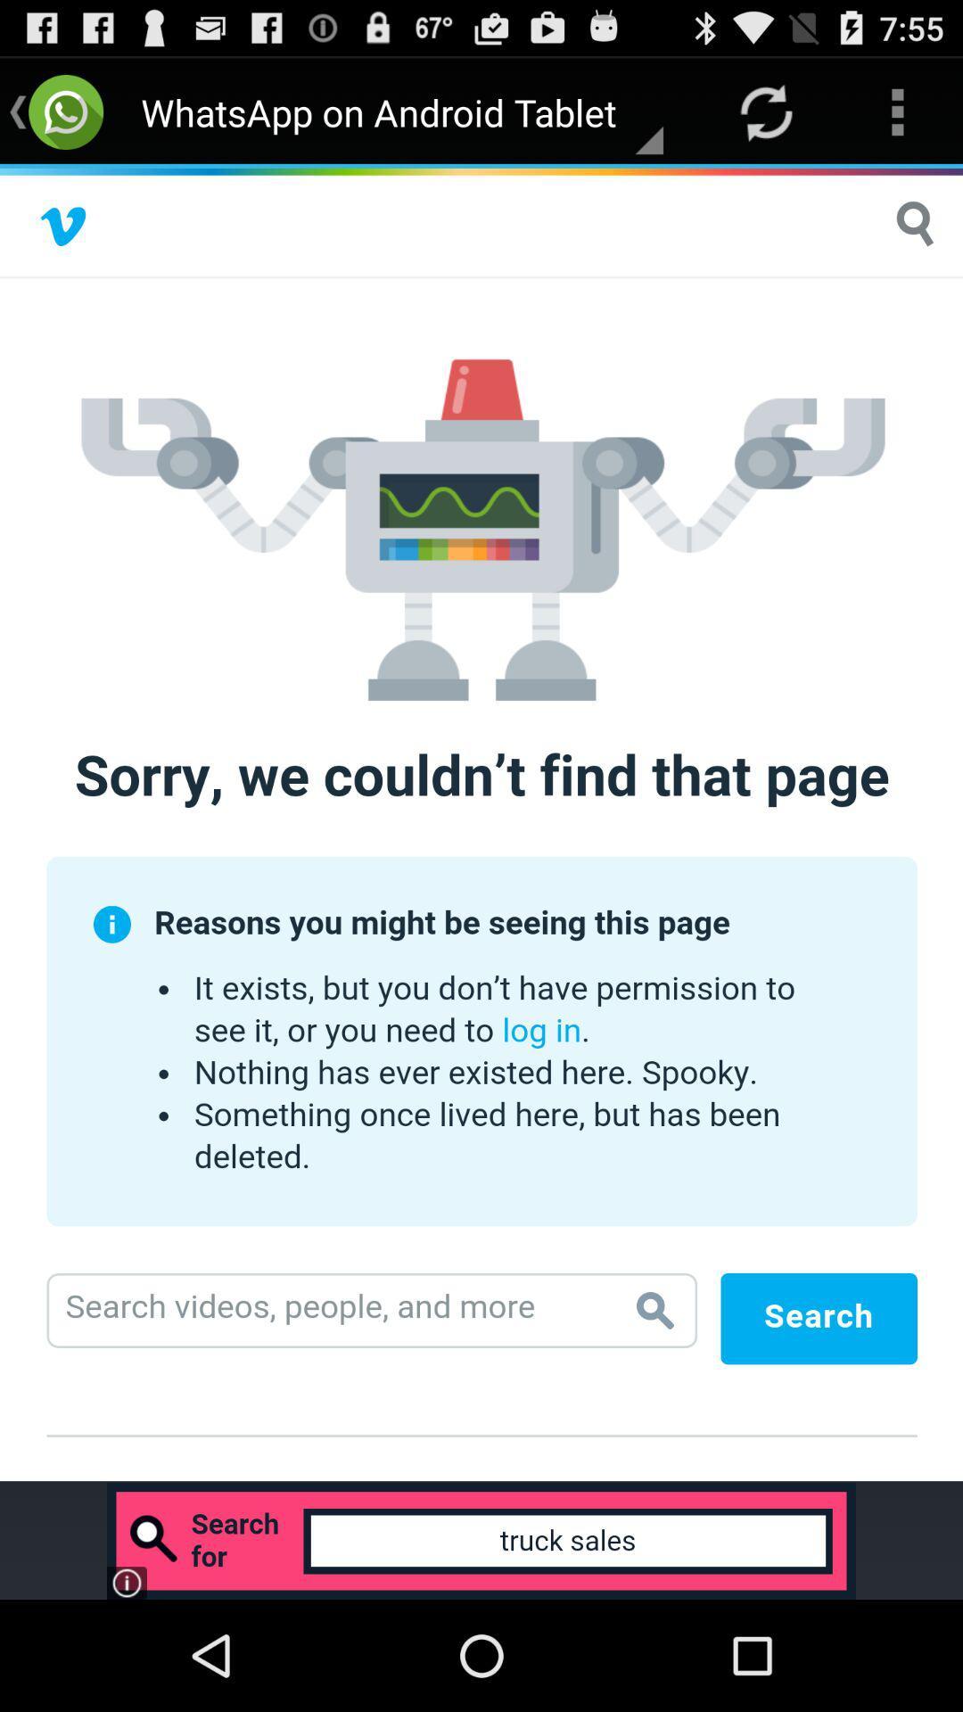 The image size is (963, 1712). What do you see at coordinates (481, 1540) in the screenshot?
I see `click advertisement` at bounding box center [481, 1540].